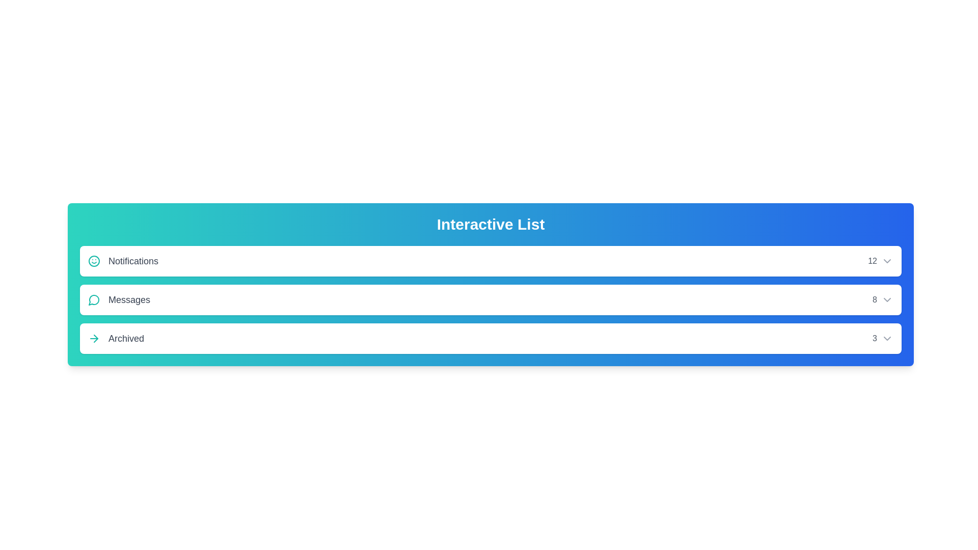 This screenshot has width=978, height=550. Describe the element at coordinates (491, 338) in the screenshot. I see `the list item Archived to observe hover effects` at that location.